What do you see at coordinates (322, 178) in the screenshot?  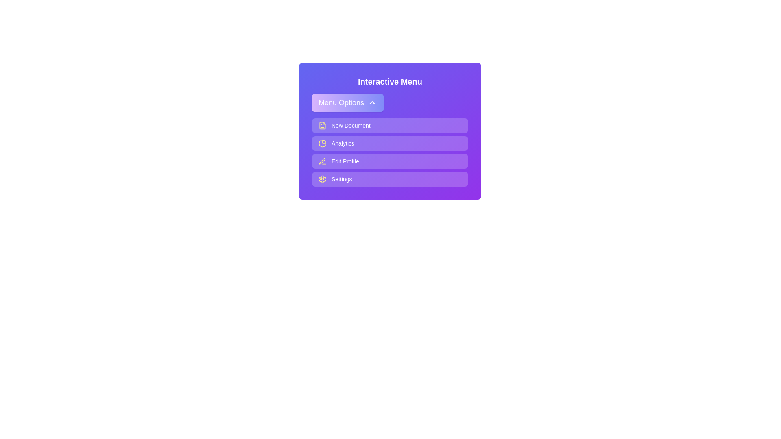 I see `the yellow gear icon representing 'Settings', which is located as the fourth and last entry in the vertically stacked menu of options` at bounding box center [322, 178].